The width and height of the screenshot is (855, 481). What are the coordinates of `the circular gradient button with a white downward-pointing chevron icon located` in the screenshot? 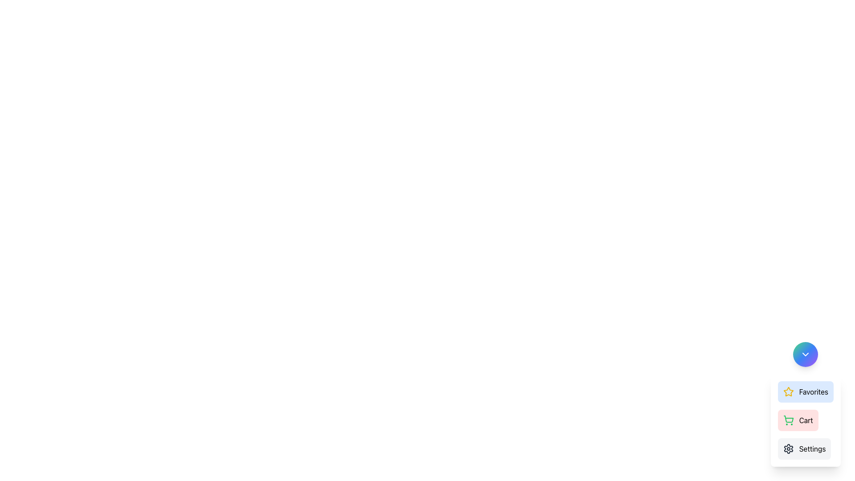 It's located at (806, 354).